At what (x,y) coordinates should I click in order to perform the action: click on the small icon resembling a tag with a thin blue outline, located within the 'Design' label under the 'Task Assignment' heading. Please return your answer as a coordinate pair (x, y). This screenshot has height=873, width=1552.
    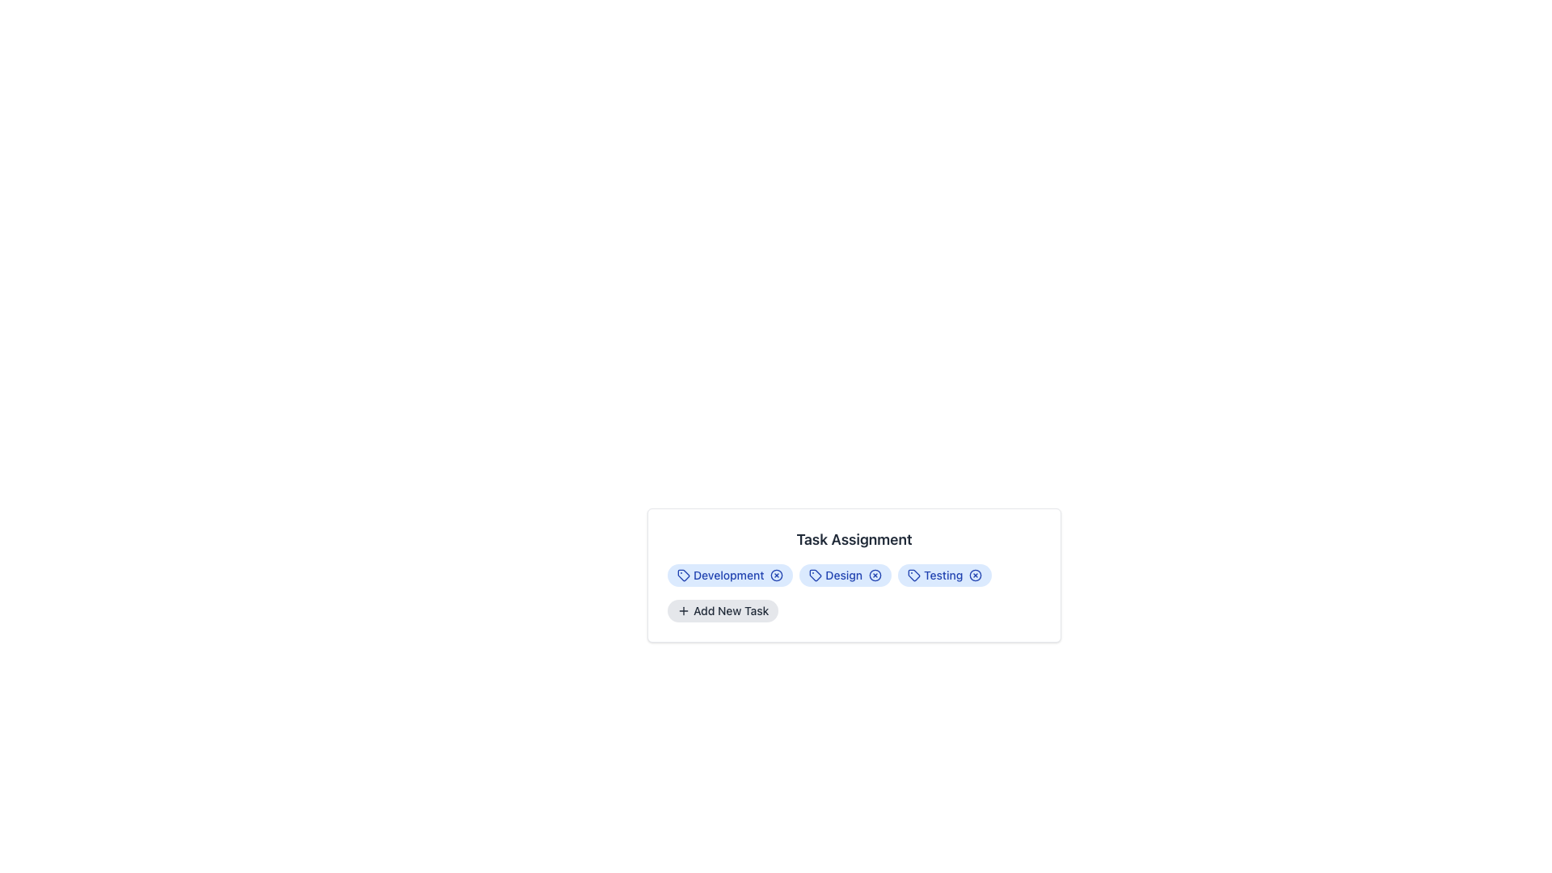
    Looking at the image, I should click on (816, 575).